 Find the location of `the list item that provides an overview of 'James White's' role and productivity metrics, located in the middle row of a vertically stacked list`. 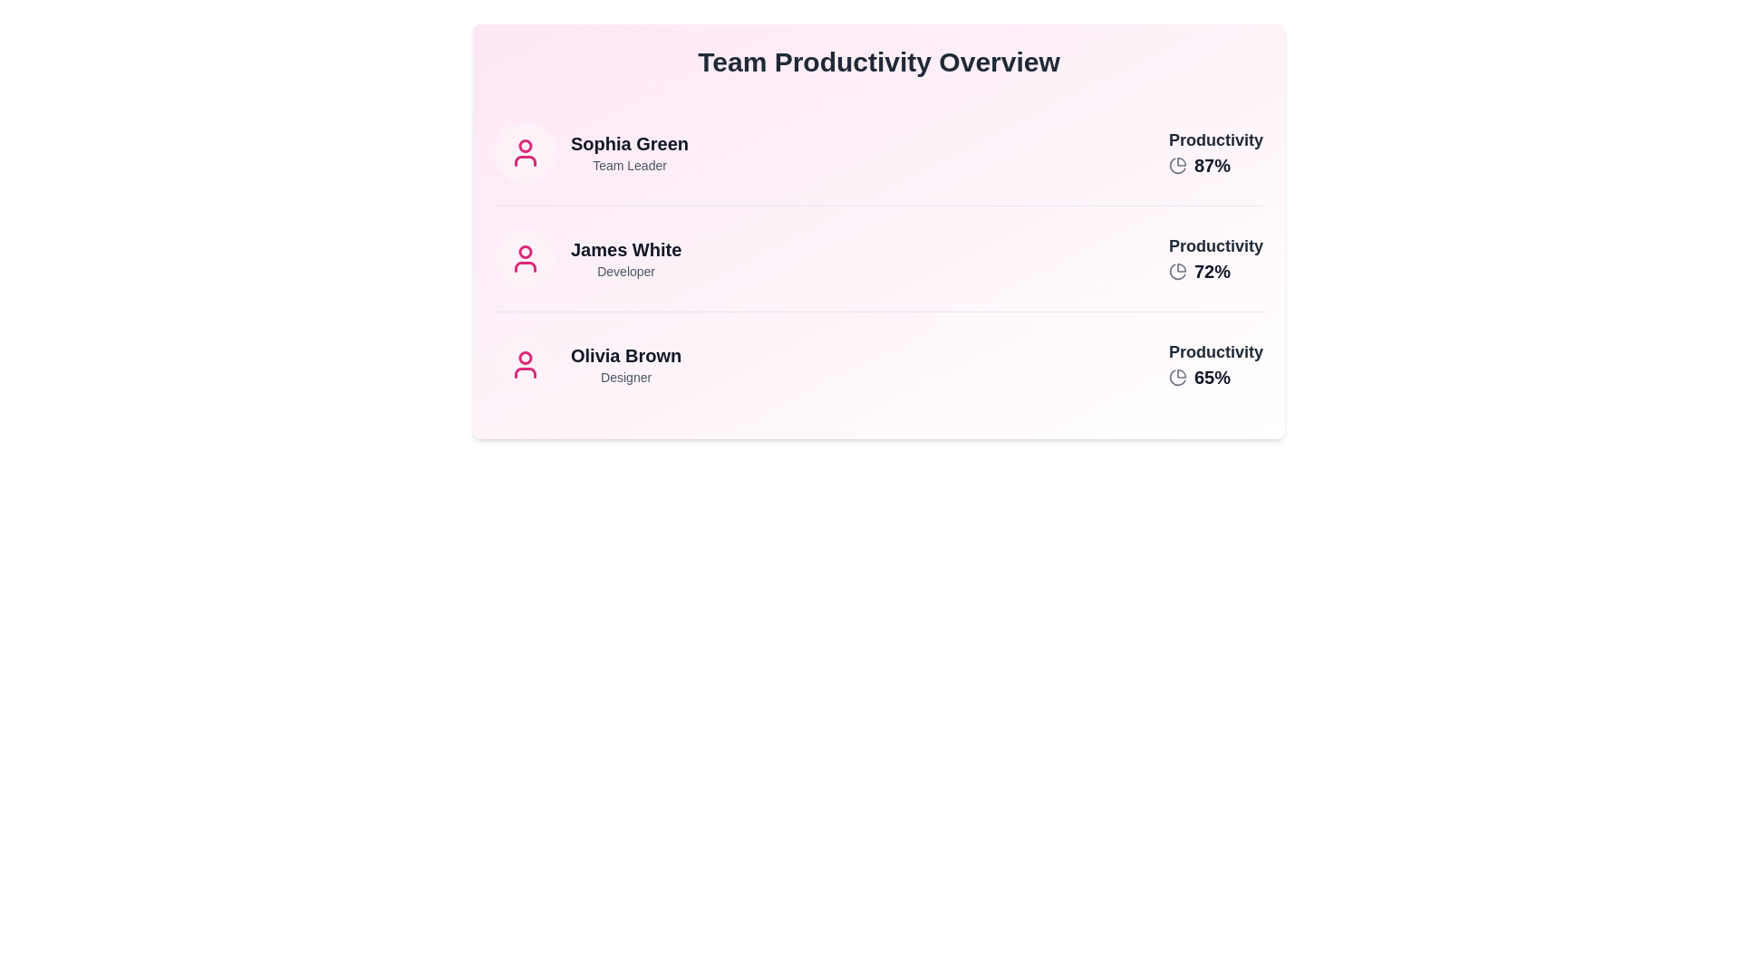

the list item that provides an overview of 'James White's' role and productivity metrics, located in the middle row of a vertically stacked list is located at coordinates (878, 230).